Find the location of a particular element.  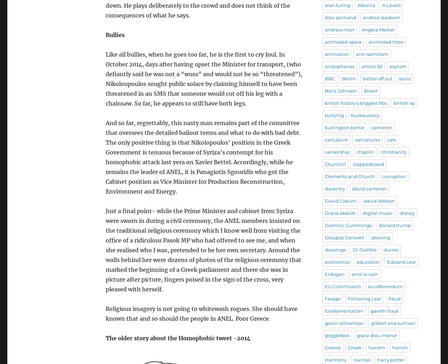

'eu referendum' is located at coordinates (385, 286).